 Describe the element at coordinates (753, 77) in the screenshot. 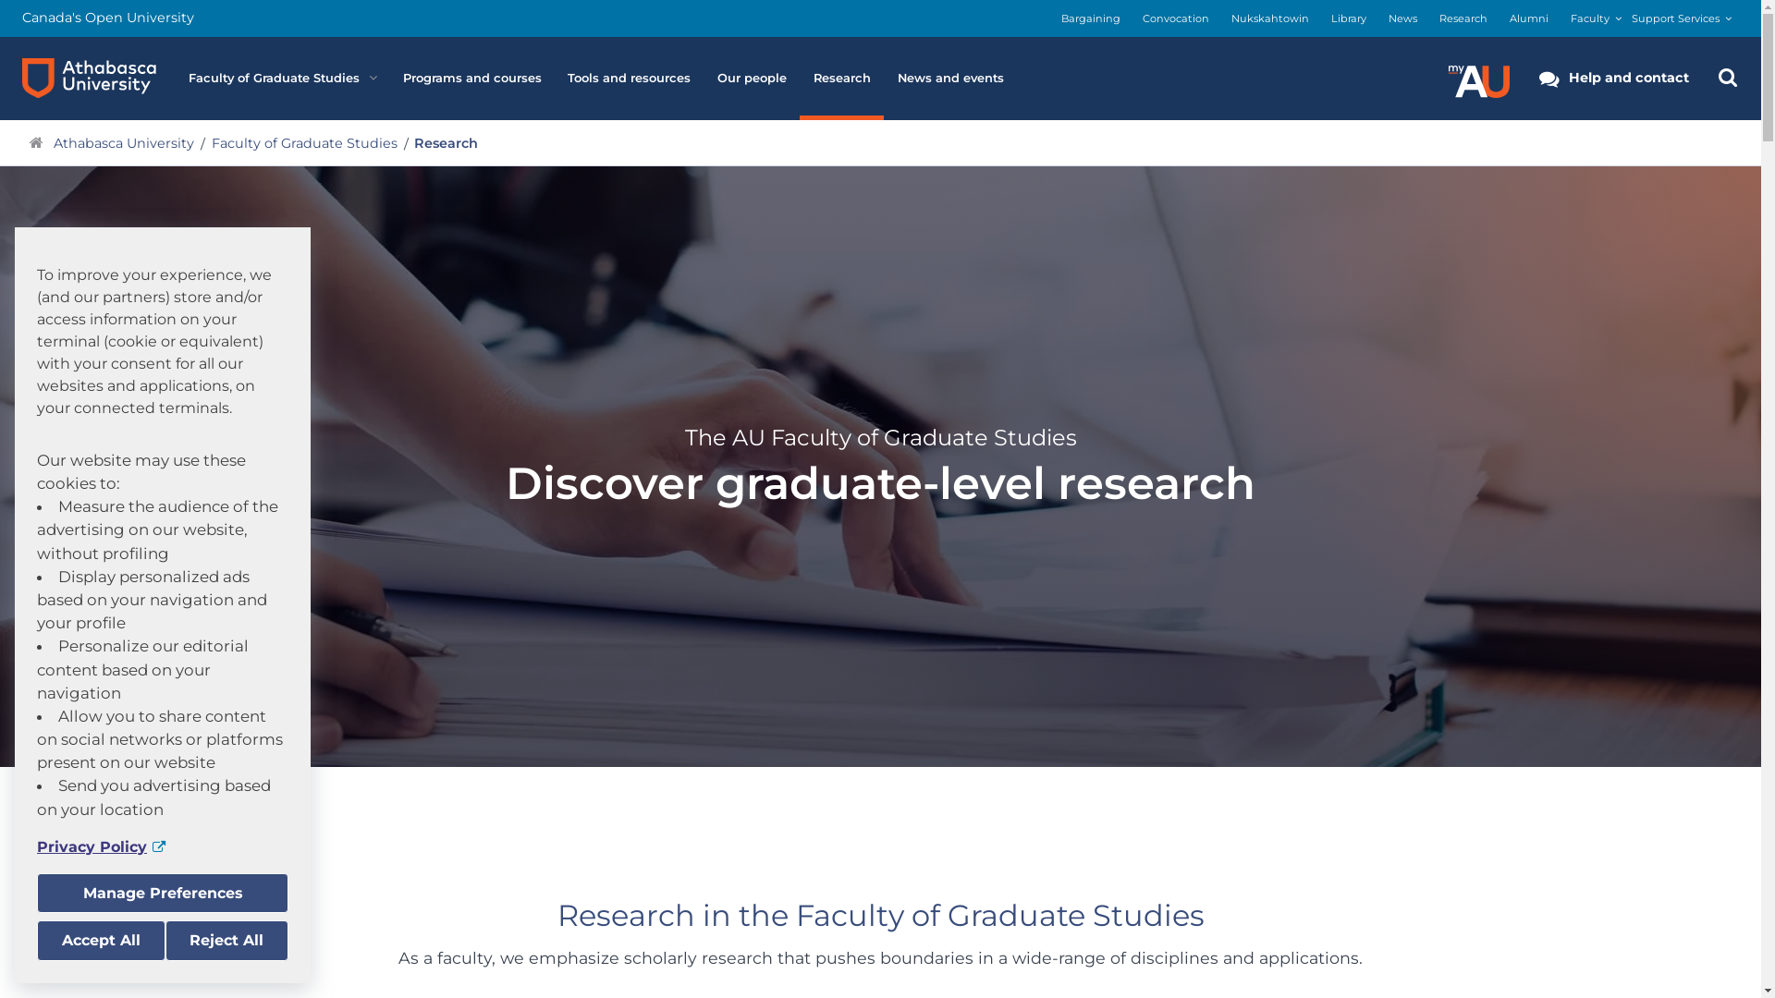

I see `'Our people'` at that location.